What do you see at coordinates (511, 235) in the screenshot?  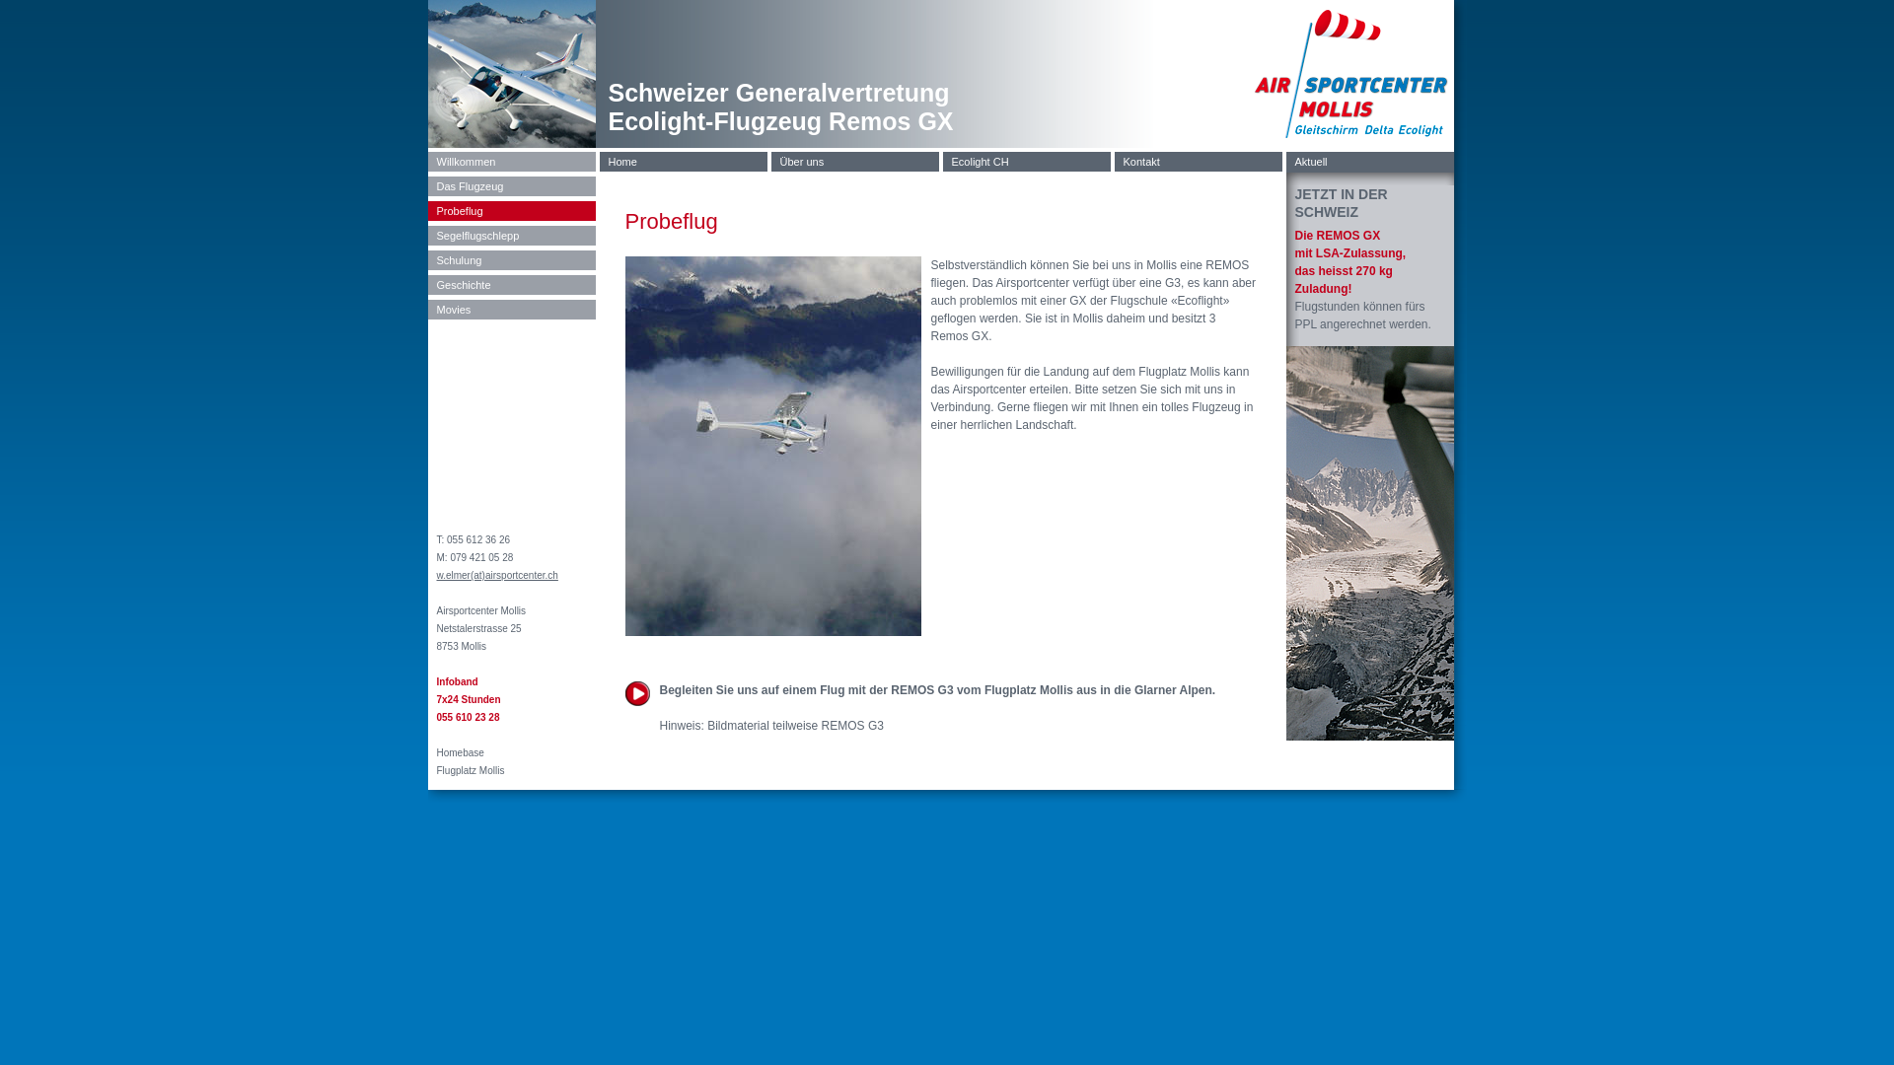 I see `'Segelflugschlepp'` at bounding box center [511, 235].